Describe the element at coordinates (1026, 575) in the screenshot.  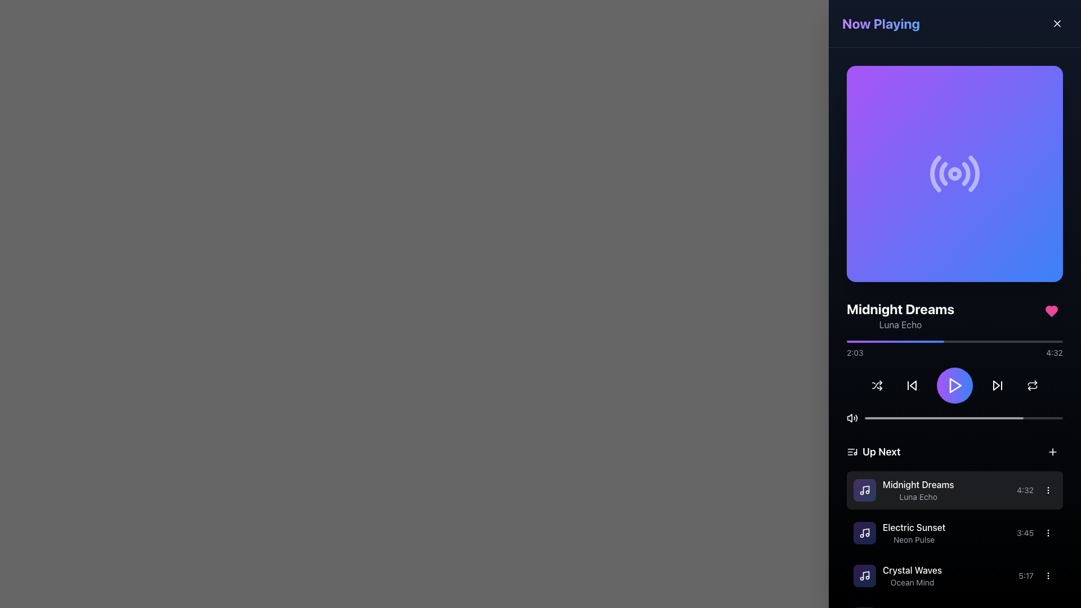
I see `the text-based label displaying the time '5:17' which is aligned to the right of the track titled 'Crystal Waves' in the playlist view` at that location.